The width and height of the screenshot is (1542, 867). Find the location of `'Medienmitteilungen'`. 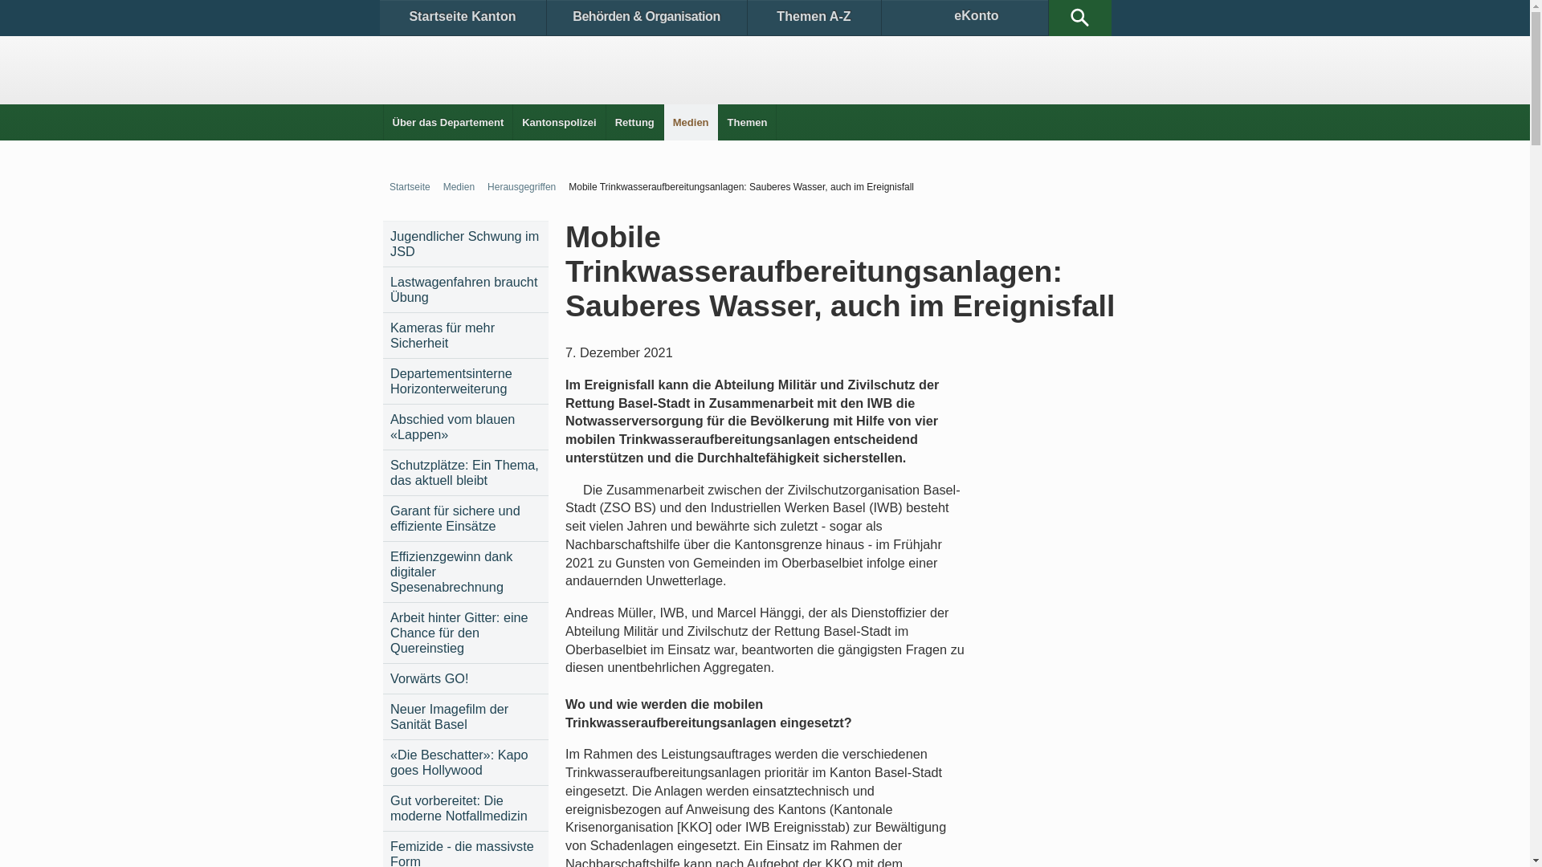

'Medienmitteilungen' is located at coordinates (440, 49).